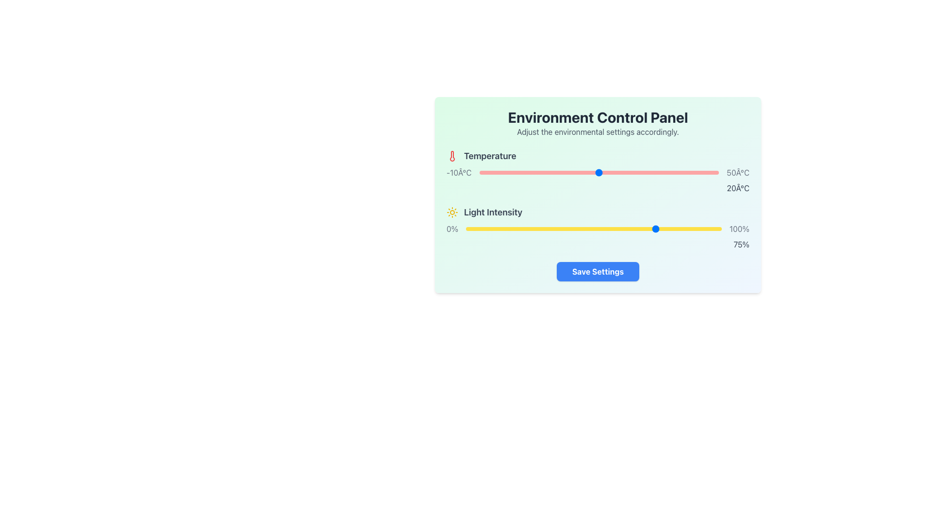 The width and height of the screenshot is (932, 524). Describe the element at coordinates (694, 172) in the screenshot. I see `the temperature slider` at that location.